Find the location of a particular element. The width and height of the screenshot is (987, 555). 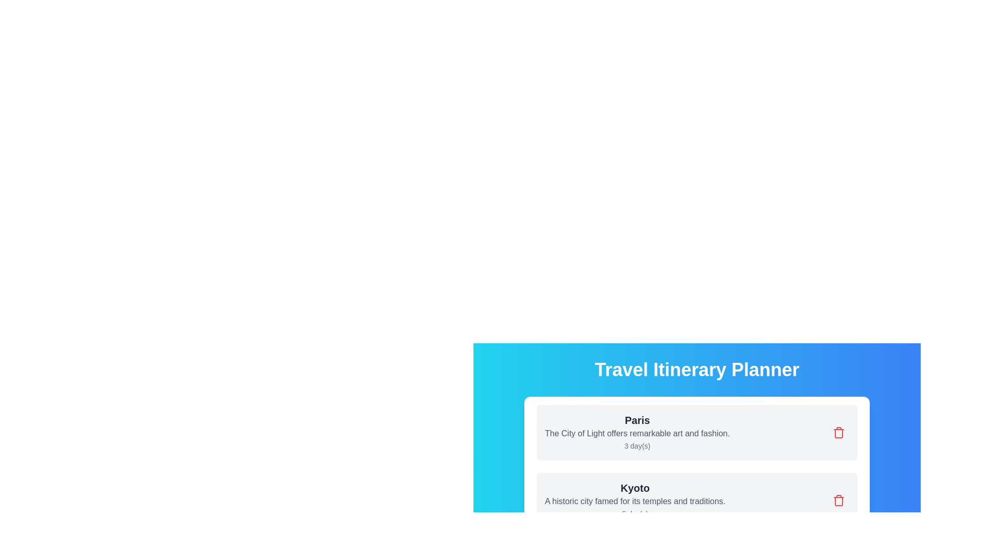

text label indicating the duration associated with the destination 'Kyoto', located at the bottom of the card describing the city is located at coordinates (634, 513).